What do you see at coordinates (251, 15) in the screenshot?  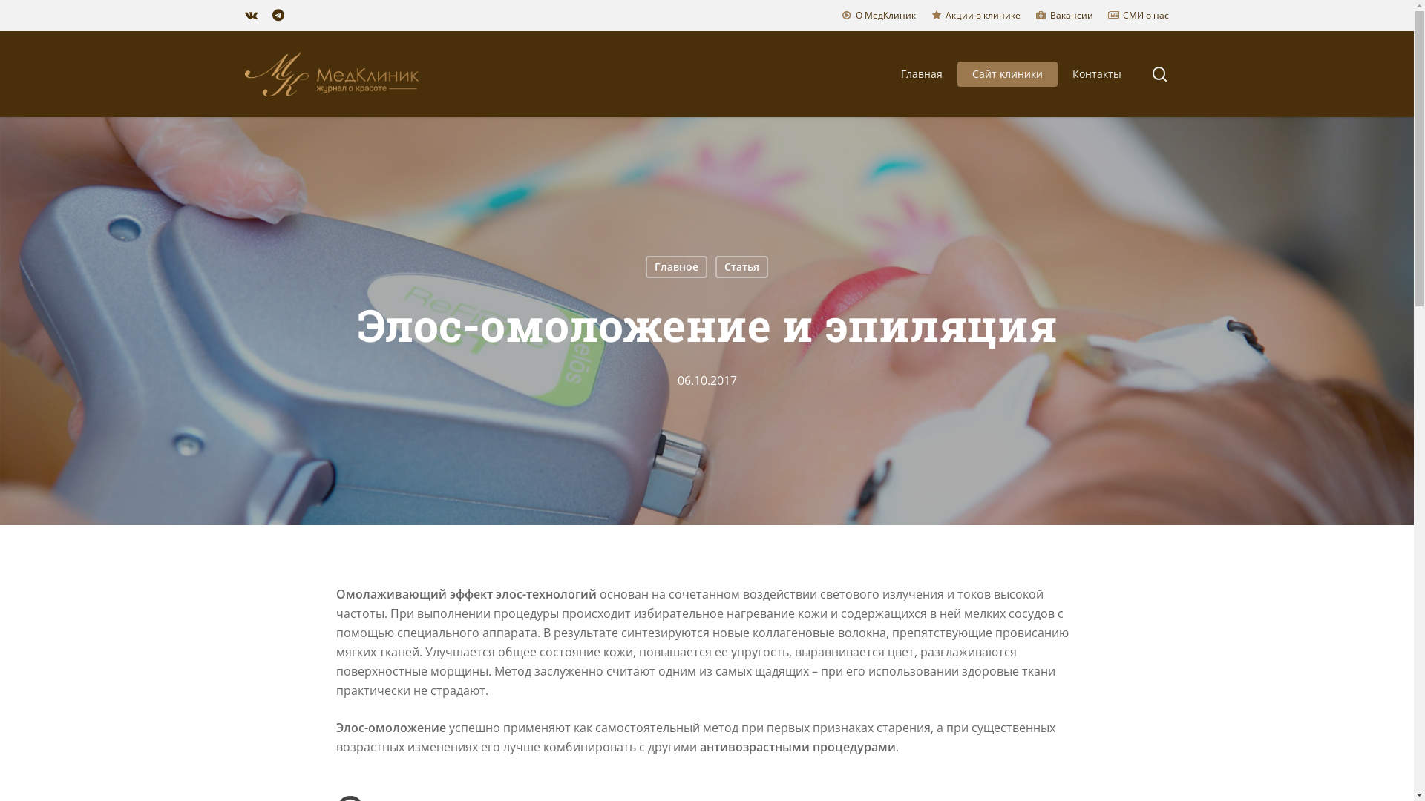 I see `'vk'` at bounding box center [251, 15].